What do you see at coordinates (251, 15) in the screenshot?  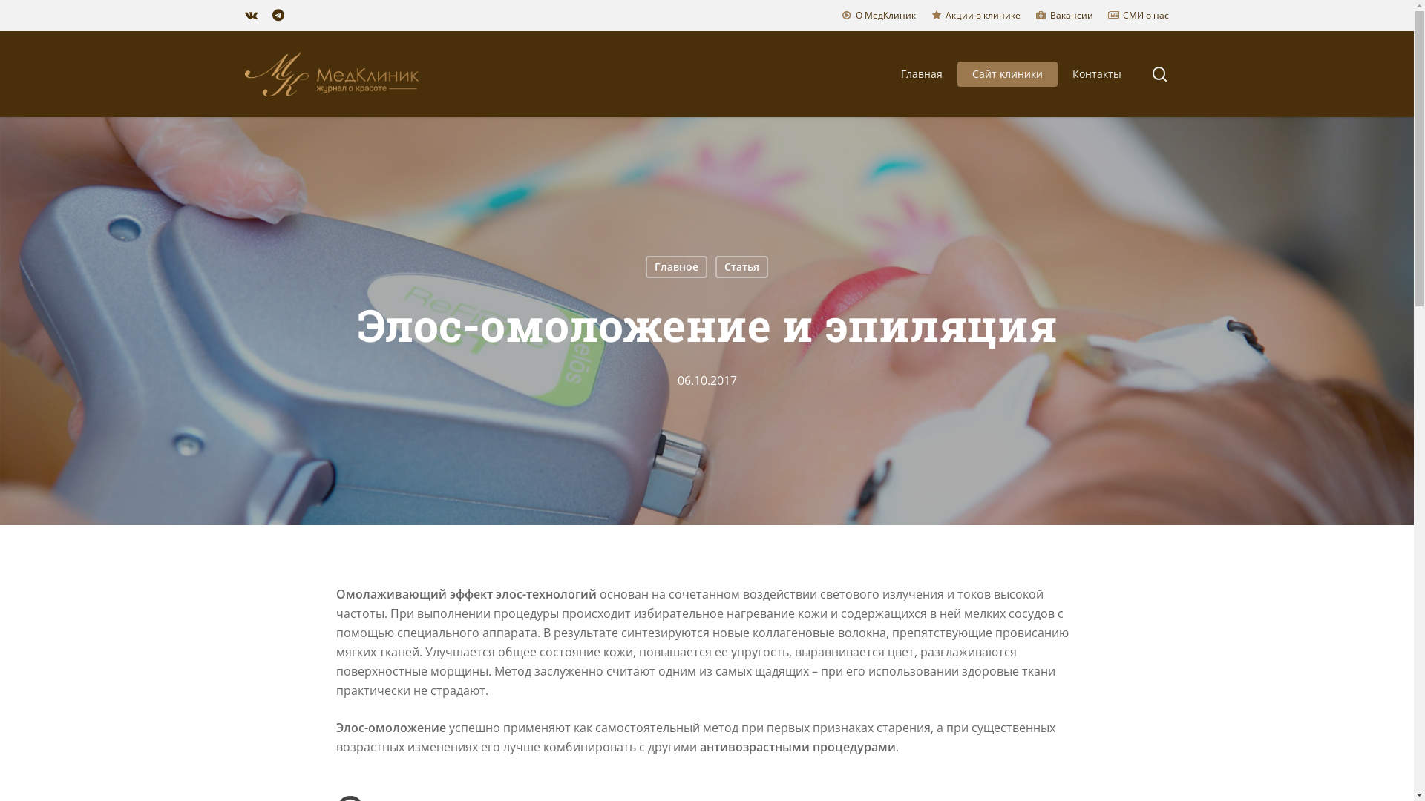 I see `'vk'` at bounding box center [251, 15].